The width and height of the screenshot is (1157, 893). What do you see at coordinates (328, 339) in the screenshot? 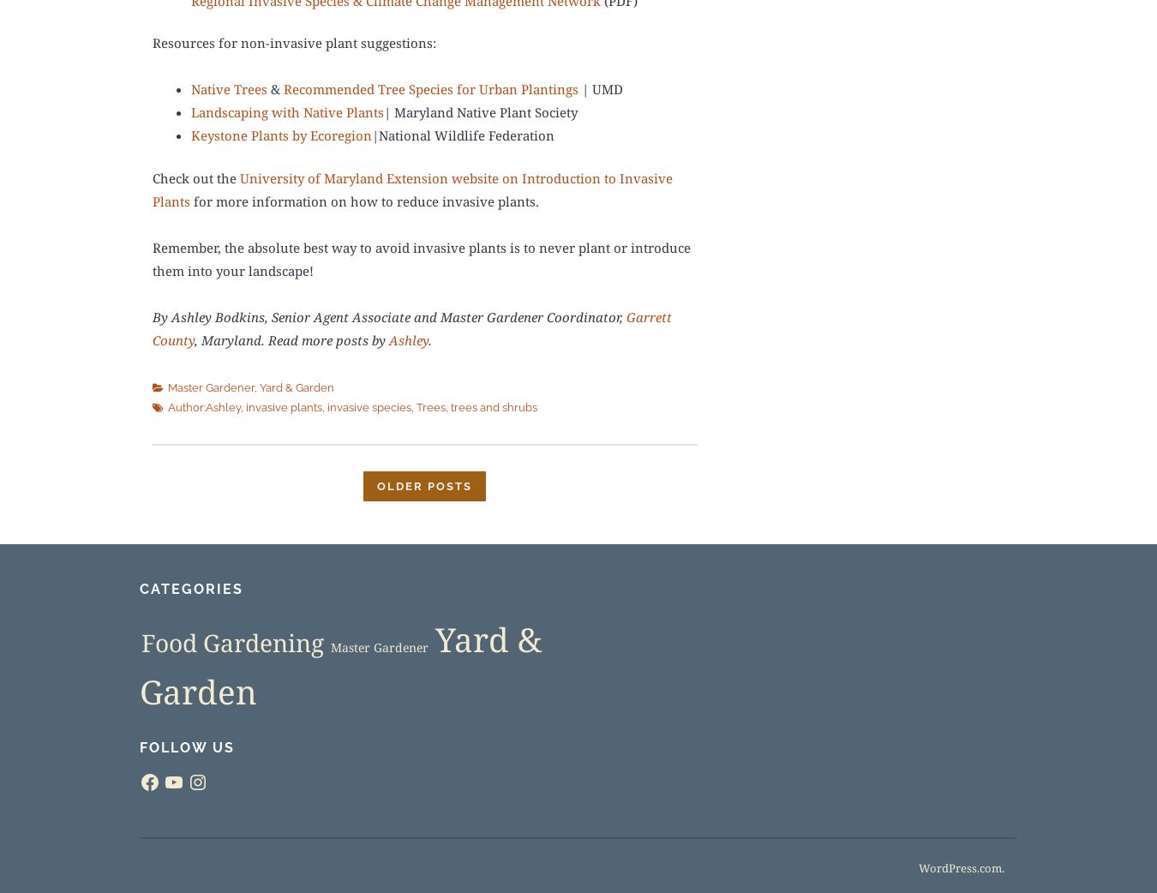
I see `'Read more posts by'` at bounding box center [328, 339].